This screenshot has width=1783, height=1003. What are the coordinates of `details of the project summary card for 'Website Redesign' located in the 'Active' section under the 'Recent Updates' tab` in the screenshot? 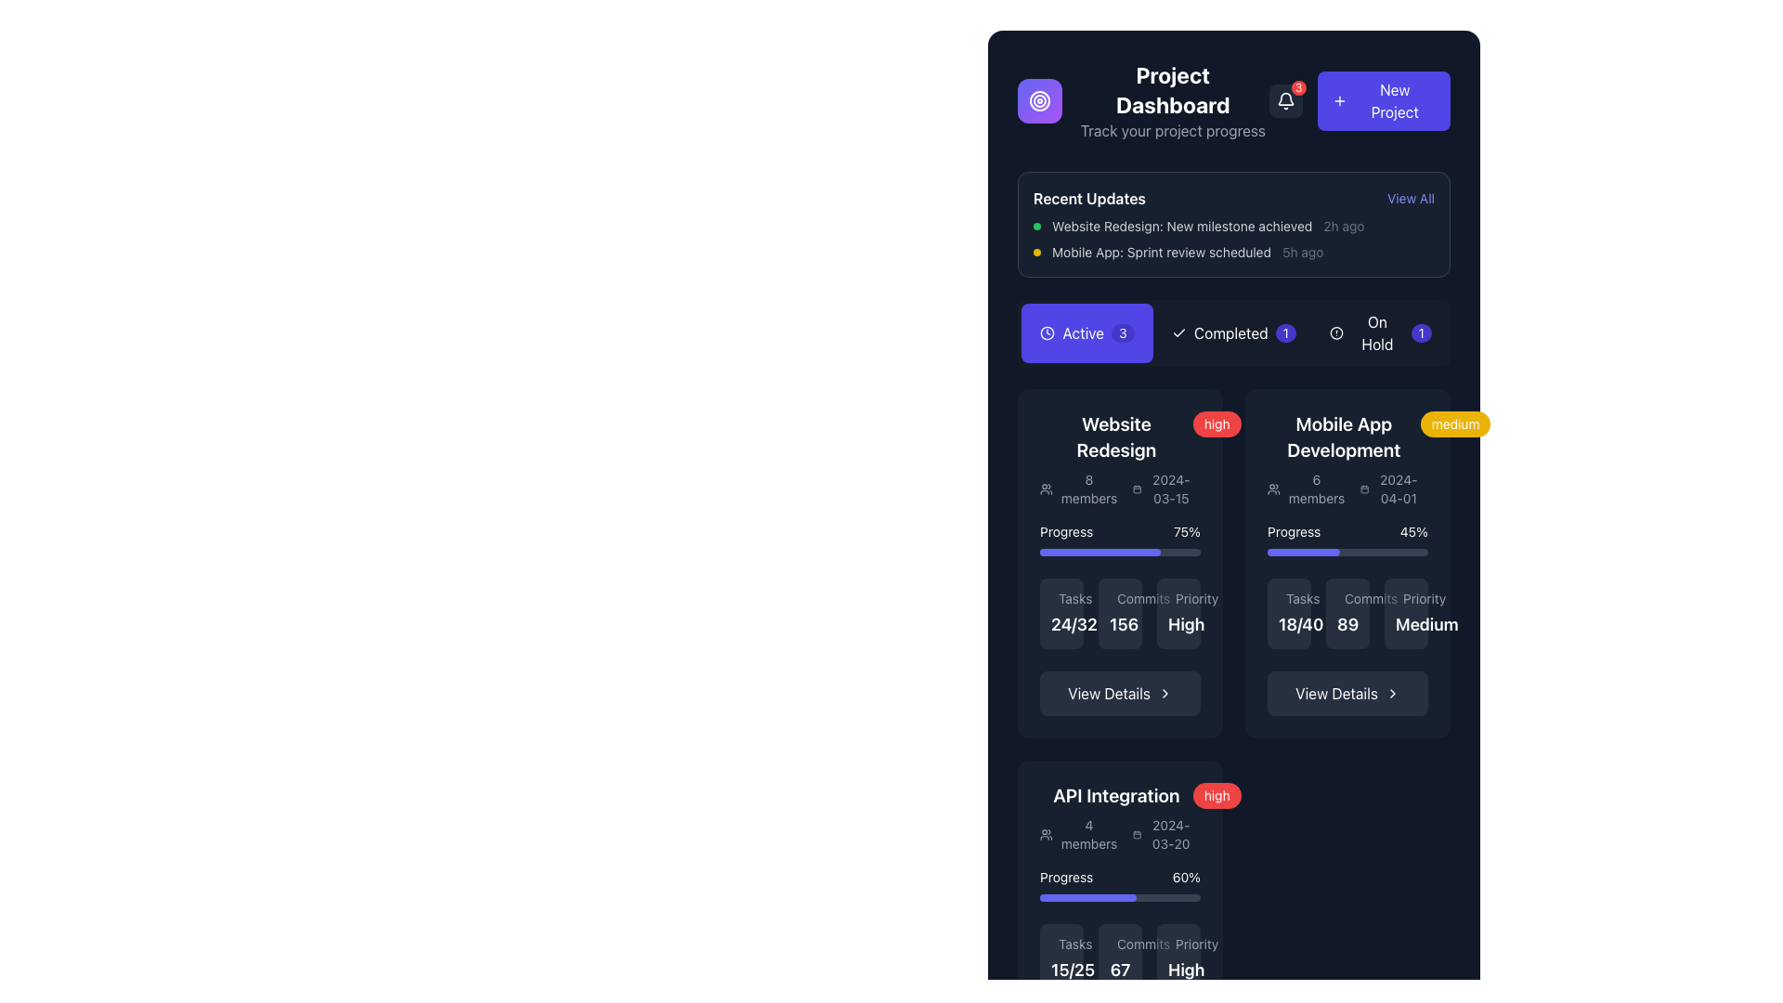 It's located at (1119, 459).